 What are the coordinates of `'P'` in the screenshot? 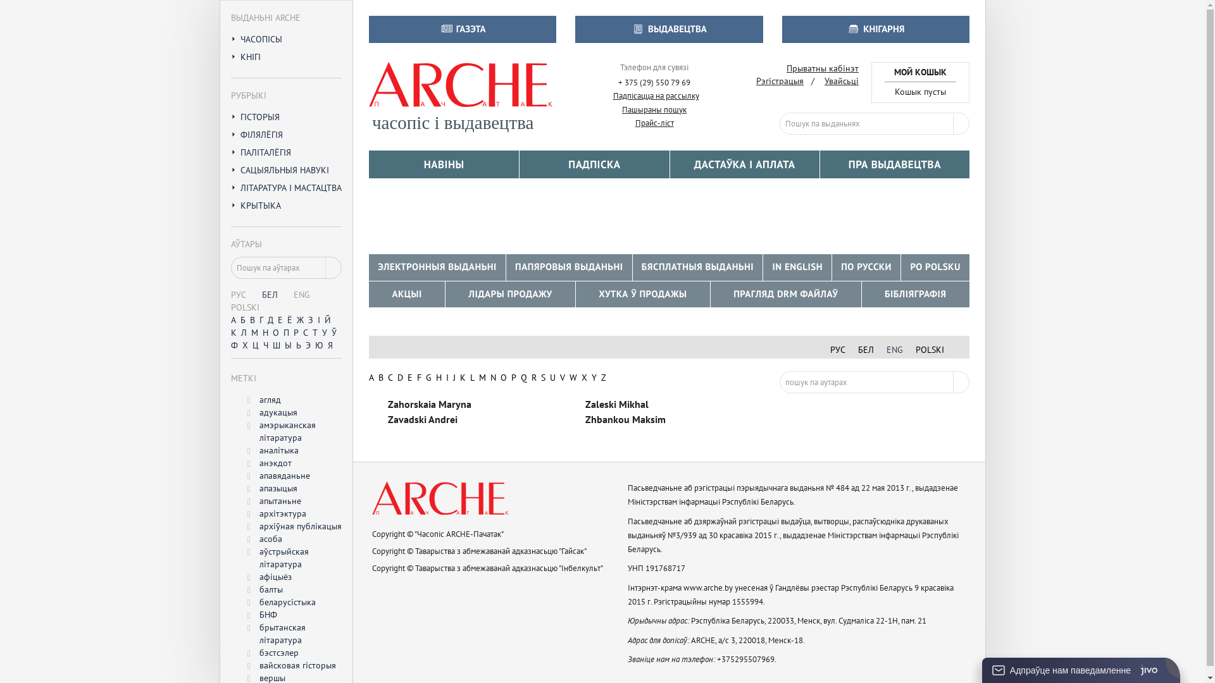 It's located at (513, 377).